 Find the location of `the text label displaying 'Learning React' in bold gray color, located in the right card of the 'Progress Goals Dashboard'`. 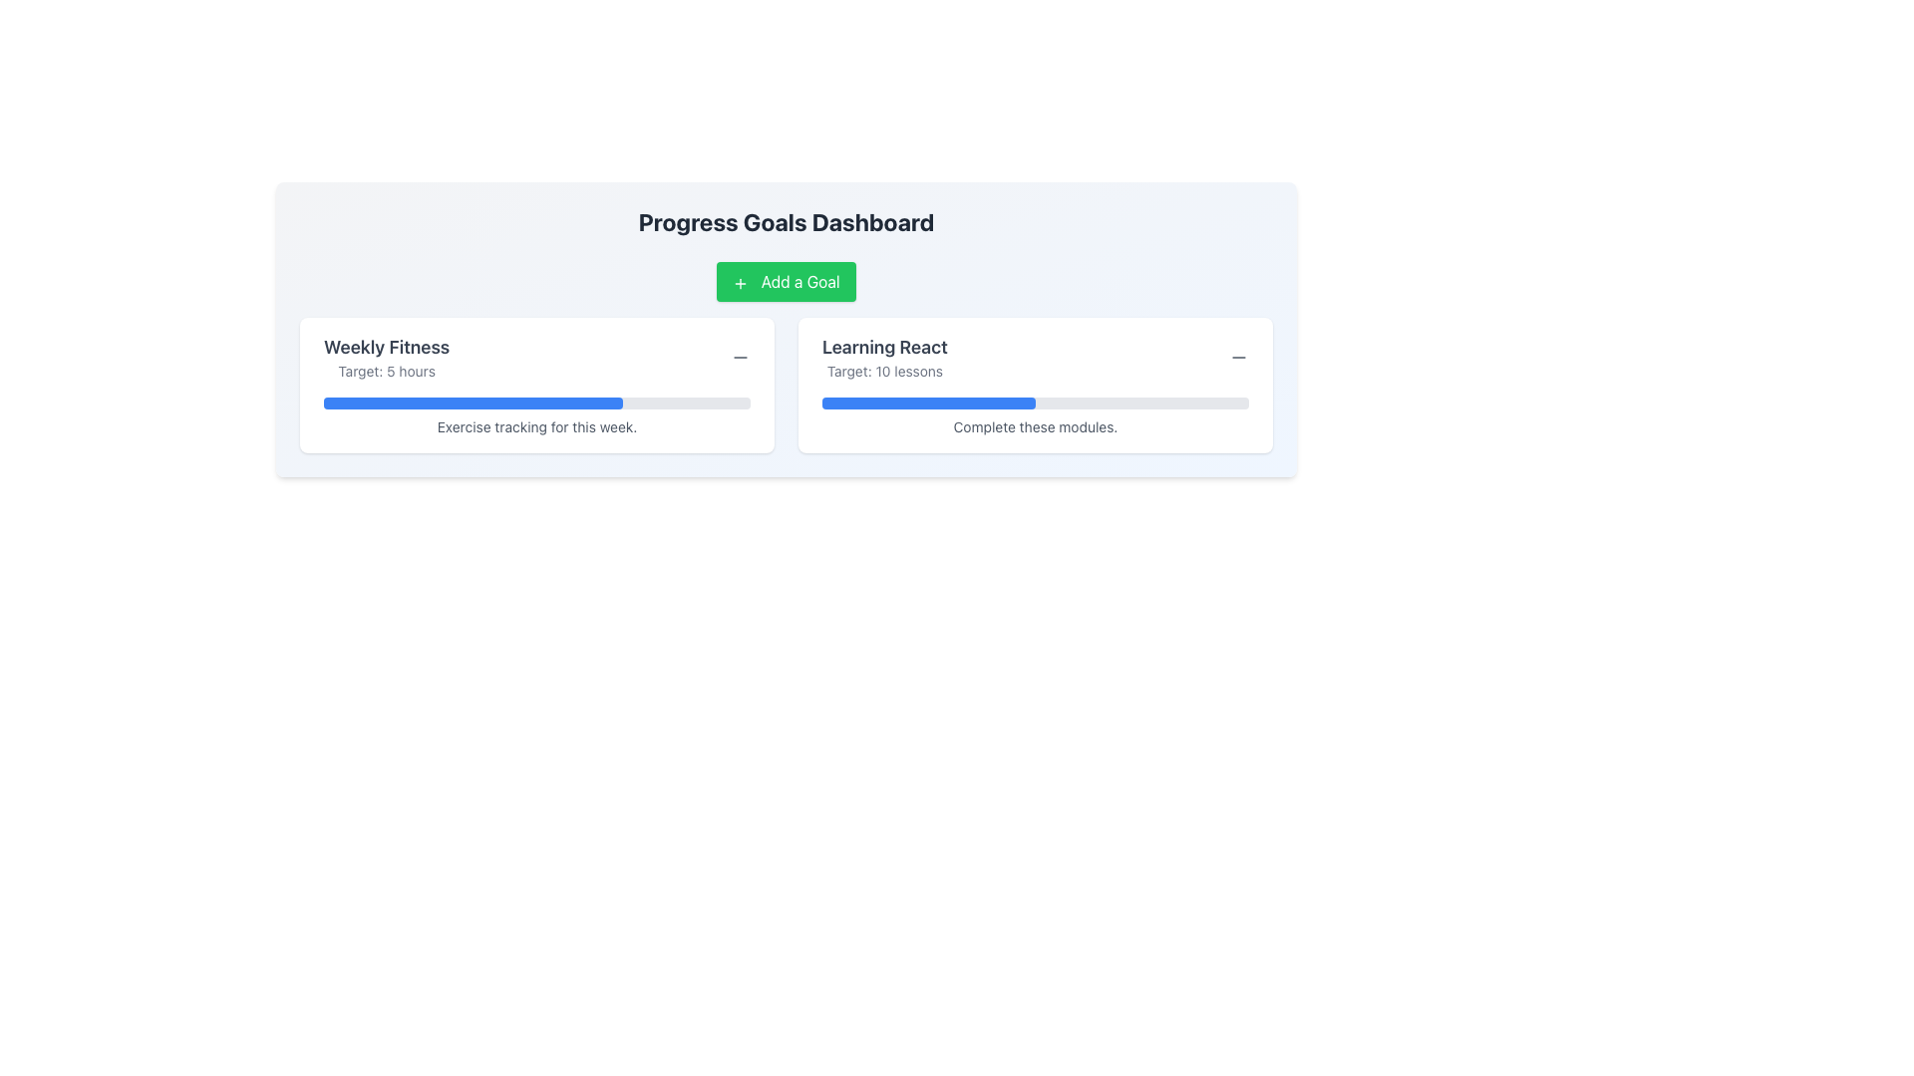

the text label displaying 'Learning React' in bold gray color, located in the right card of the 'Progress Goals Dashboard' is located at coordinates (884, 346).